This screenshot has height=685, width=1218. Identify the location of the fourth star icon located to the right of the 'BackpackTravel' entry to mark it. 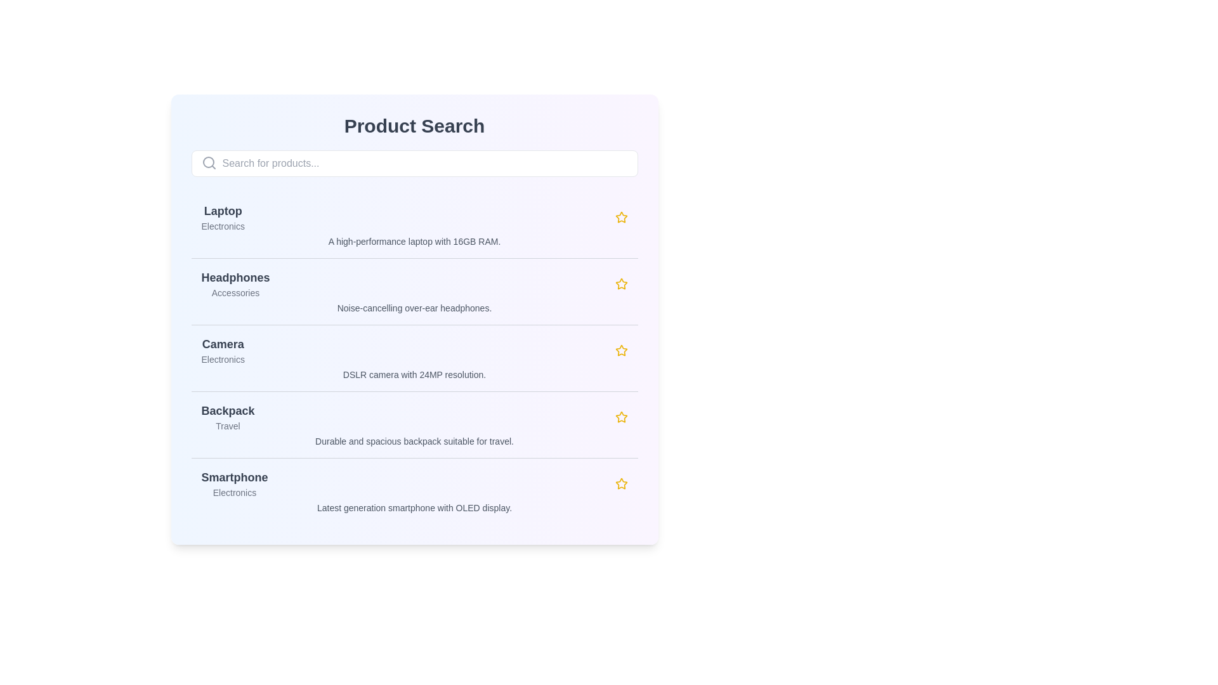
(621, 417).